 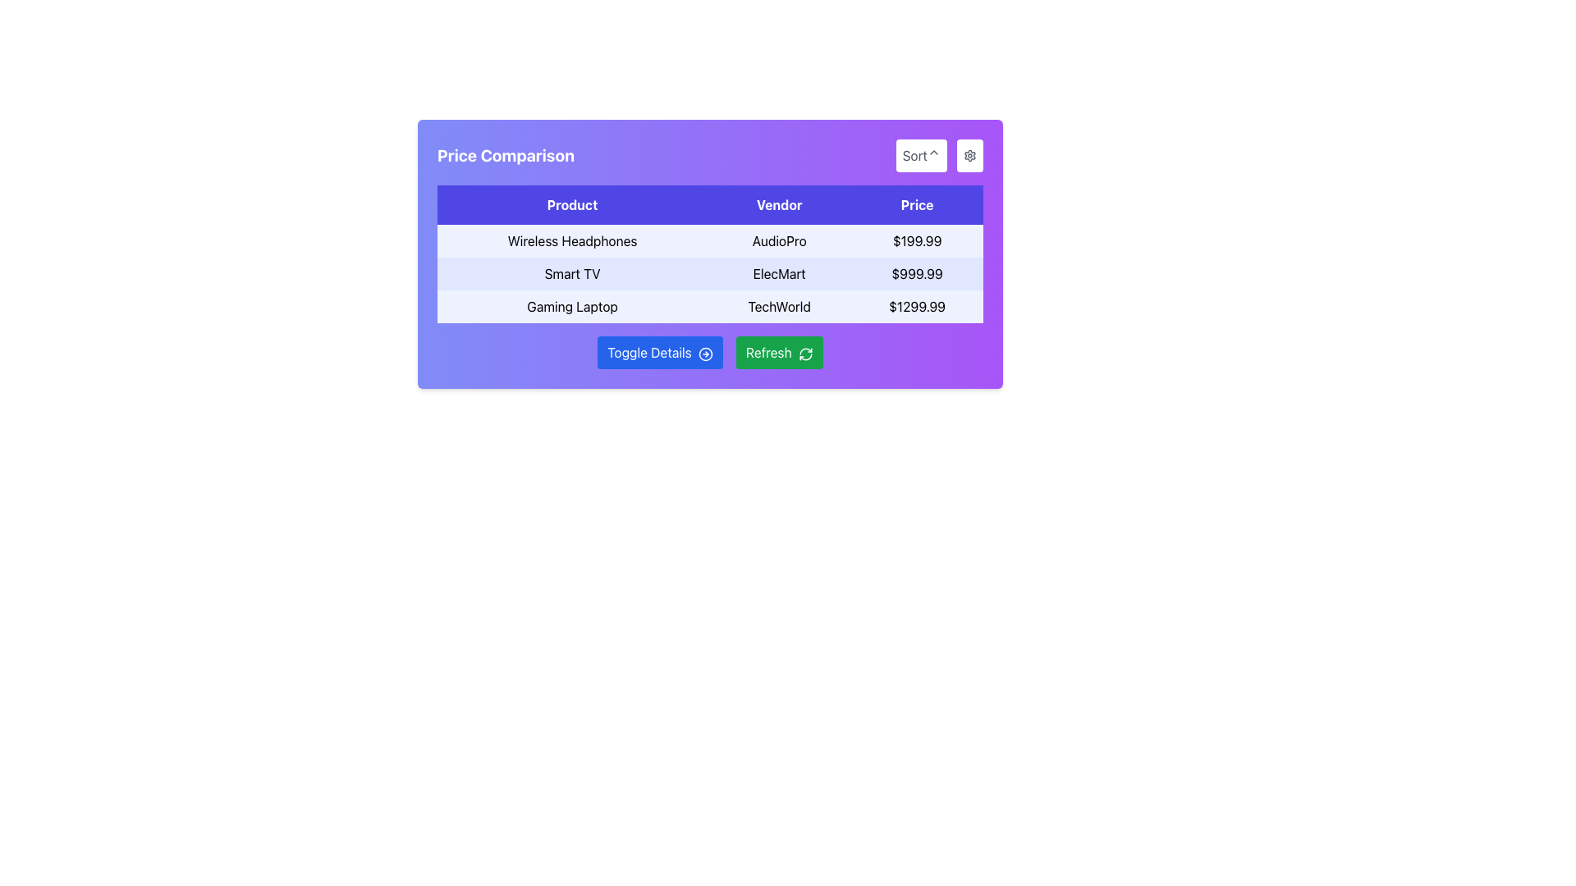 What do you see at coordinates (710, 253) in the screenshot?
I see `the rows of the interactive Data Table located in the 'Price Comparison' section, which has a bold purple header with titles 'Product,' 'Vendor,' and 'Price.'` at bounding box center [710, 253].